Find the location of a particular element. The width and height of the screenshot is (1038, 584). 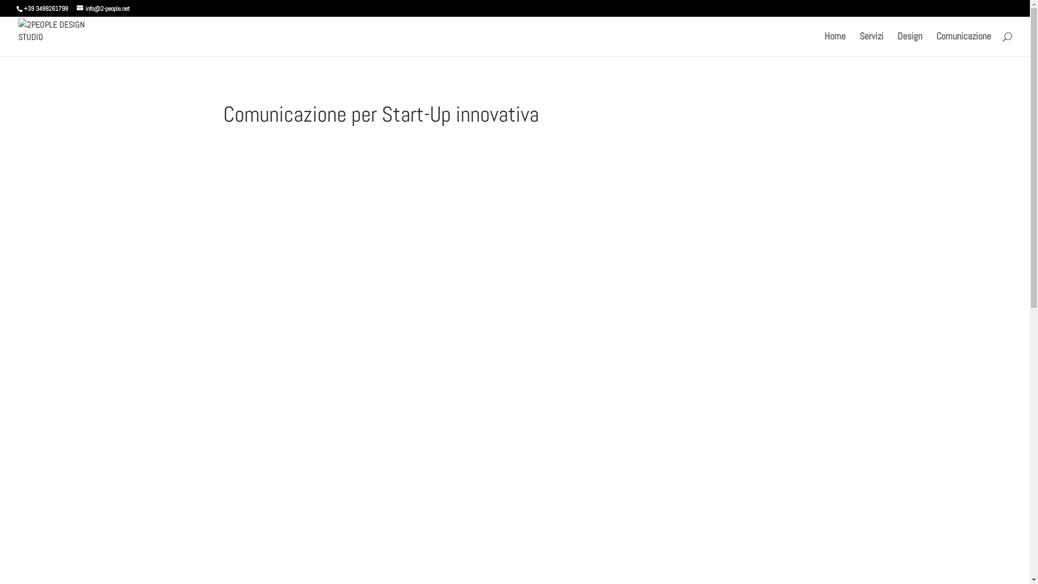

'Comunicazione' is located at coordinates (963, 43).